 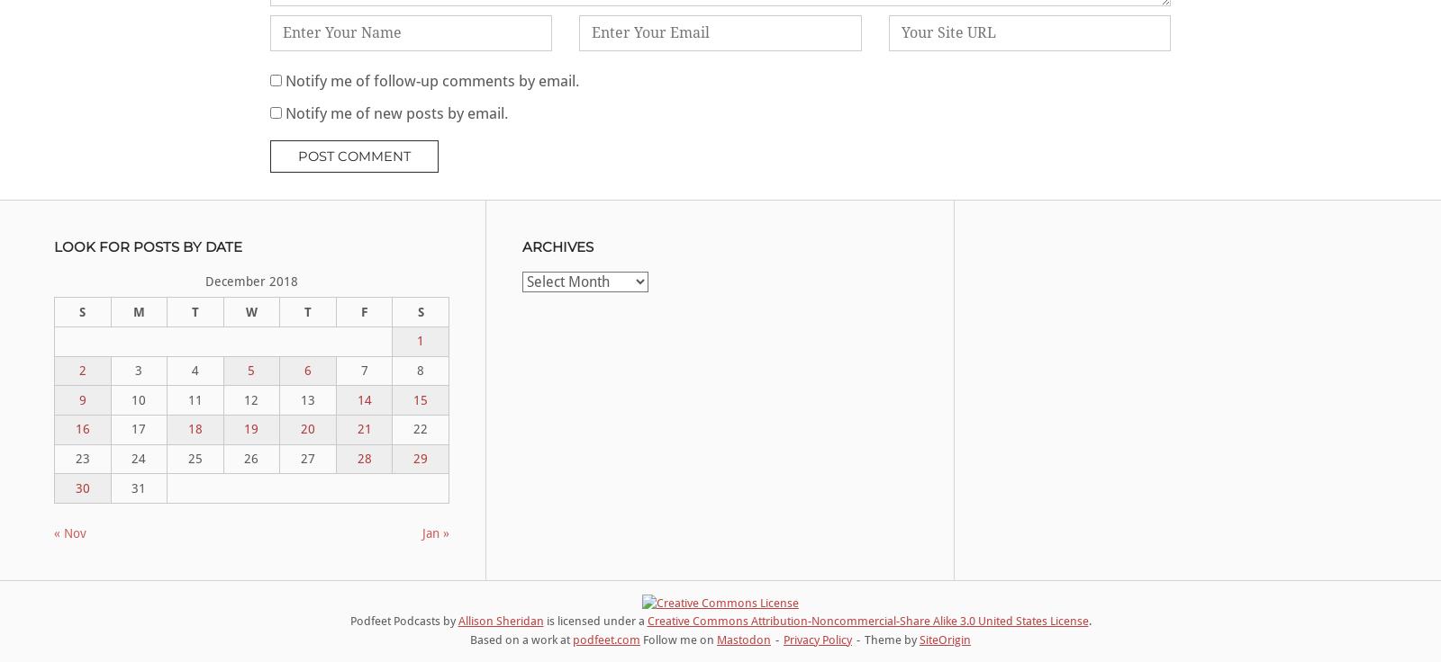 I want to click on 'Creative Commons Attribution-Noncommercial-Share Alike 3.0 United States License', so click(x=866, y=620).